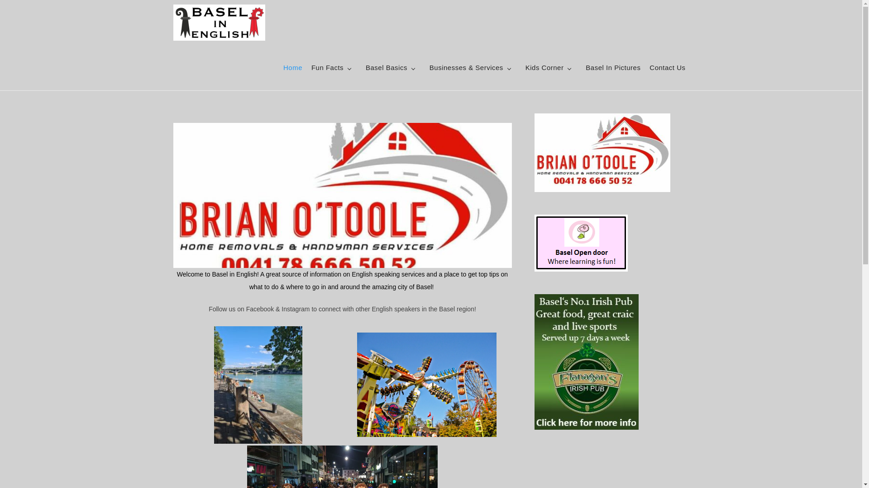  I want to click on 'Kids Corner', so click(521, 67).